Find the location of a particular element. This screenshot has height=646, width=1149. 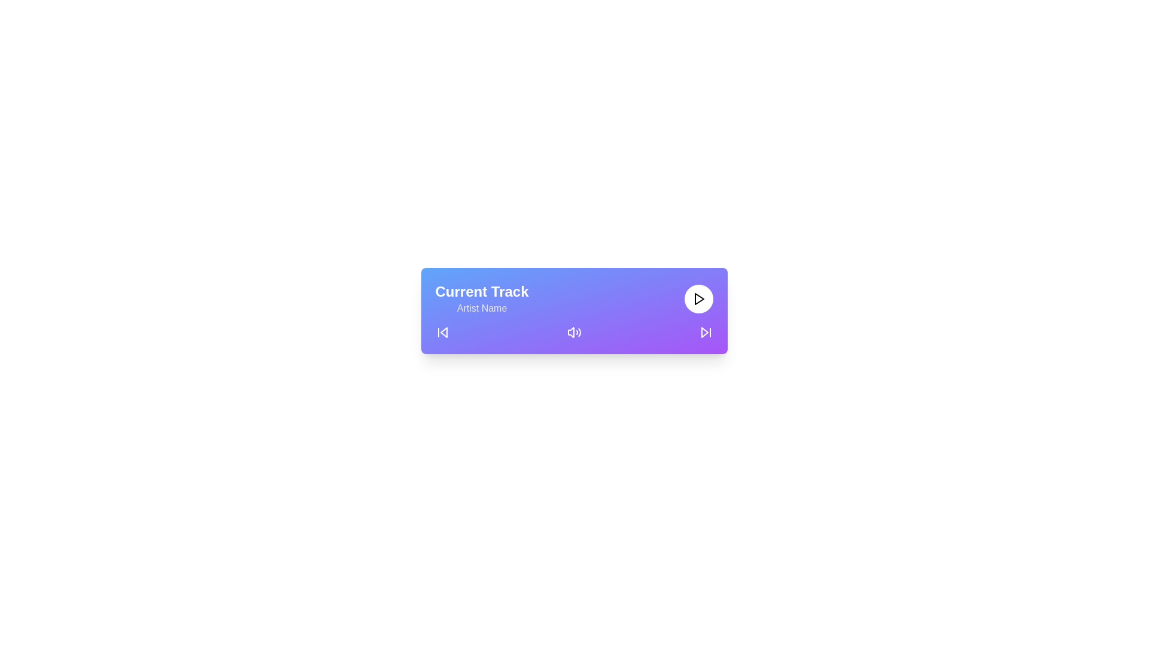

the triangular play button located on the playback control bar to initiate the playing of audio content is located at coordinates (699, 298).